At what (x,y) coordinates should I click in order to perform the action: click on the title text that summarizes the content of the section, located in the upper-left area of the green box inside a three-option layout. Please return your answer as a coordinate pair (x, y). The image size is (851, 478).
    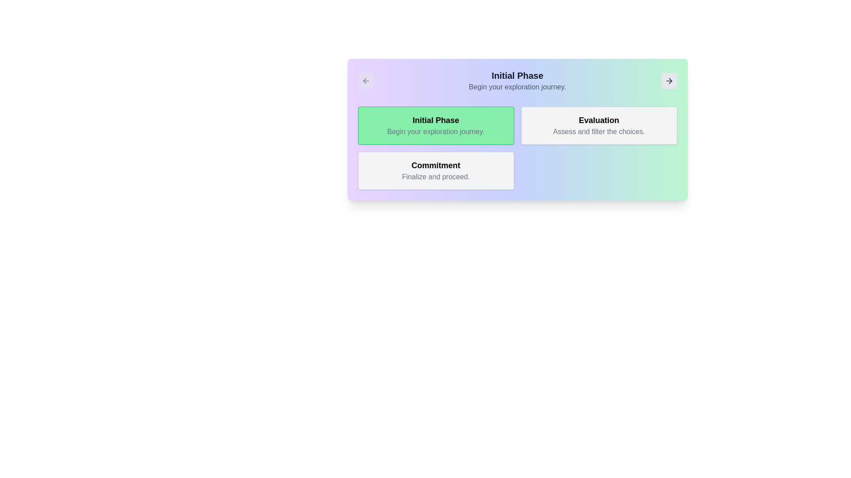
    Looking at the image, I should click on (436, 120).